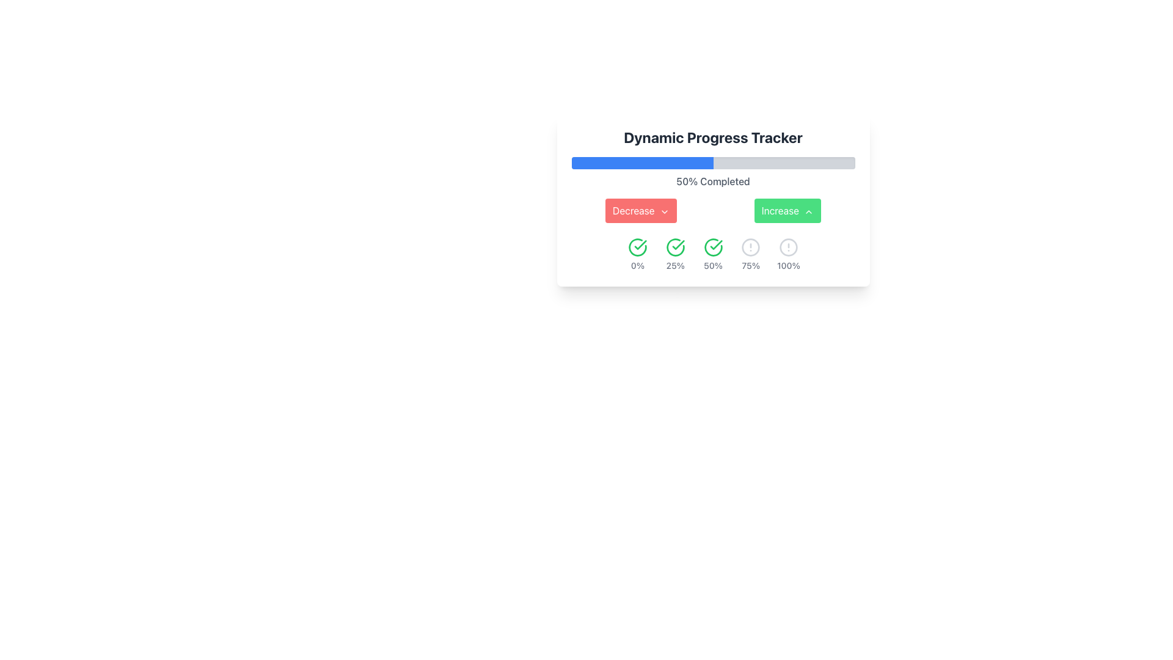 The width and height of the screenshot is (1173, 660). What do you see at coordinates (640, 210) in the screenshot?
I see `the first button used to decrease a value or progress, positioned left under the progress tracker to observe its hover effect` at bounding box center [640, 210].